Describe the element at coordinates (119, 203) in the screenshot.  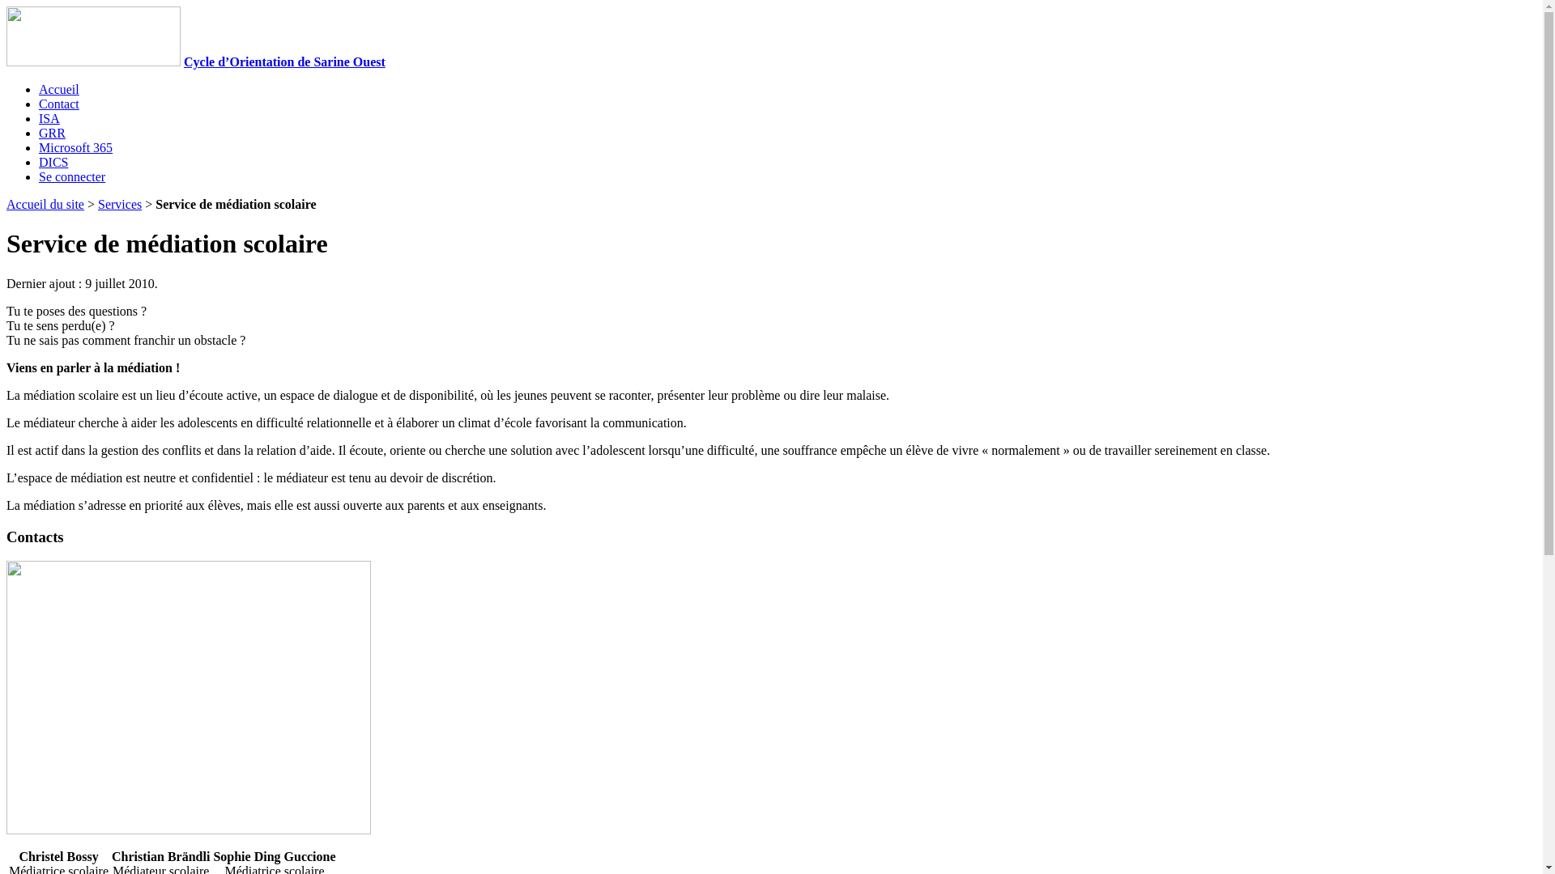
I see `'Services'` at that location.